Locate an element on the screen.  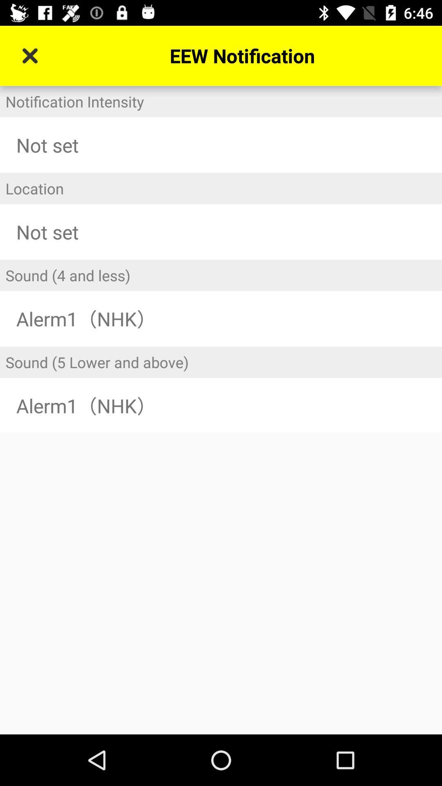
icon next to the eew notification is located at coordinates (29, 55).